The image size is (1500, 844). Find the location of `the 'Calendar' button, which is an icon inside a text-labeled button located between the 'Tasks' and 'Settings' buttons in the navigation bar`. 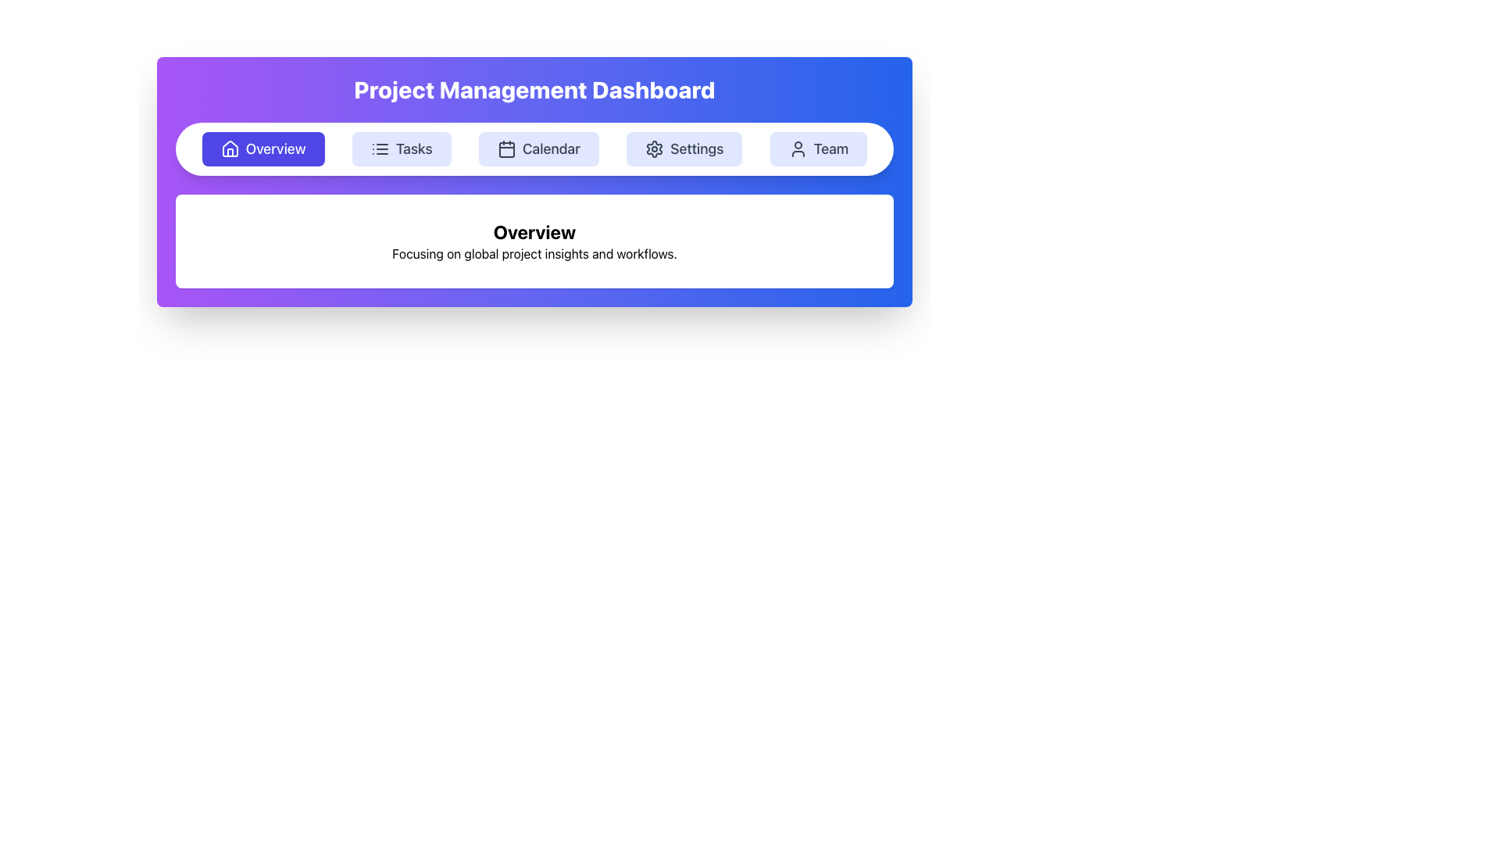

the 'Calendar' button, which is an icon inside a text-labeled button located between the 'Tasks' and 'Settings' buttons in the navigation bar is located at coordinates (506, 149).